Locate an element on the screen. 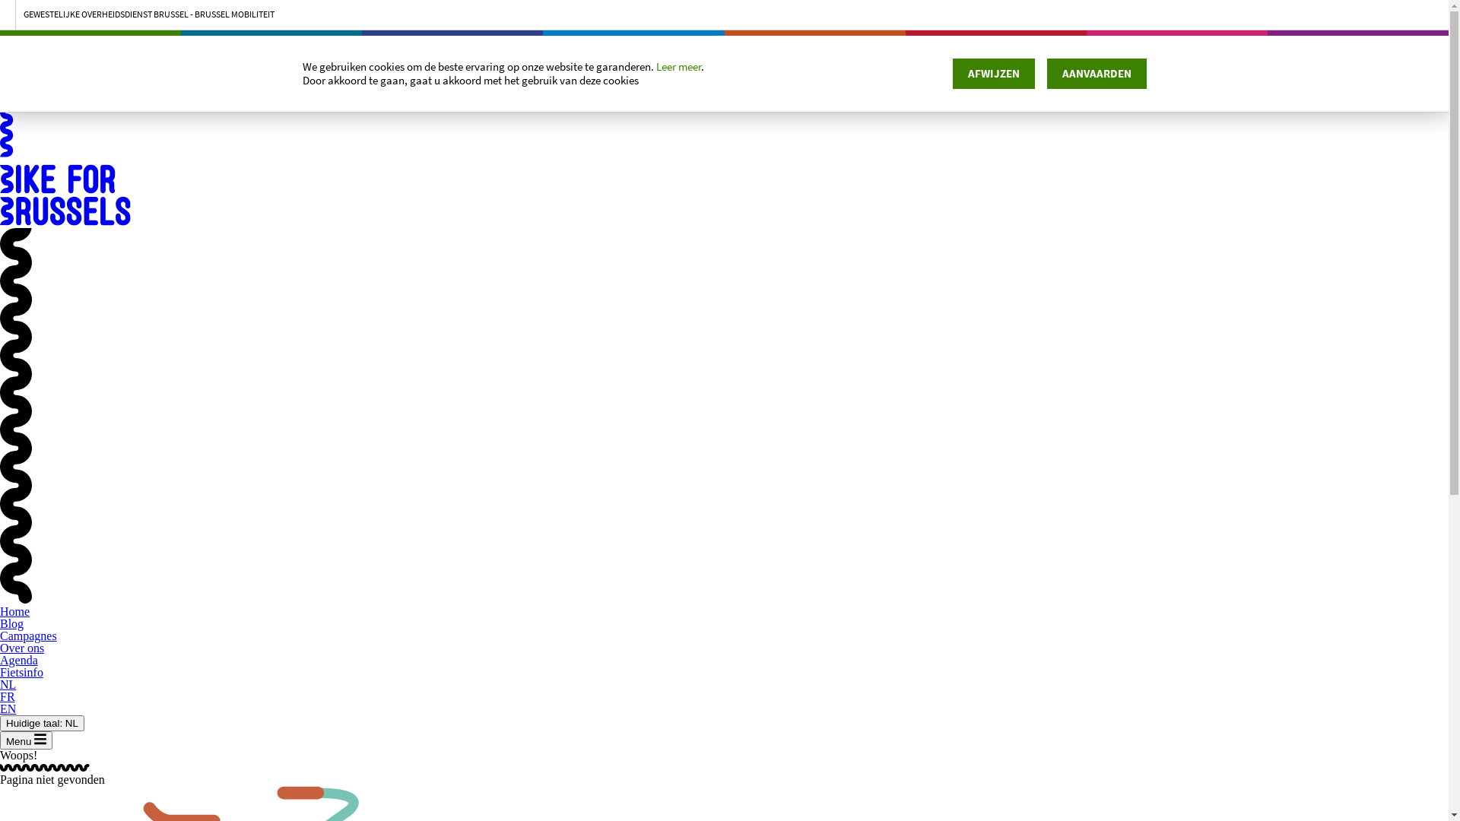  'Over ons' is located at coordinates (21, 648).